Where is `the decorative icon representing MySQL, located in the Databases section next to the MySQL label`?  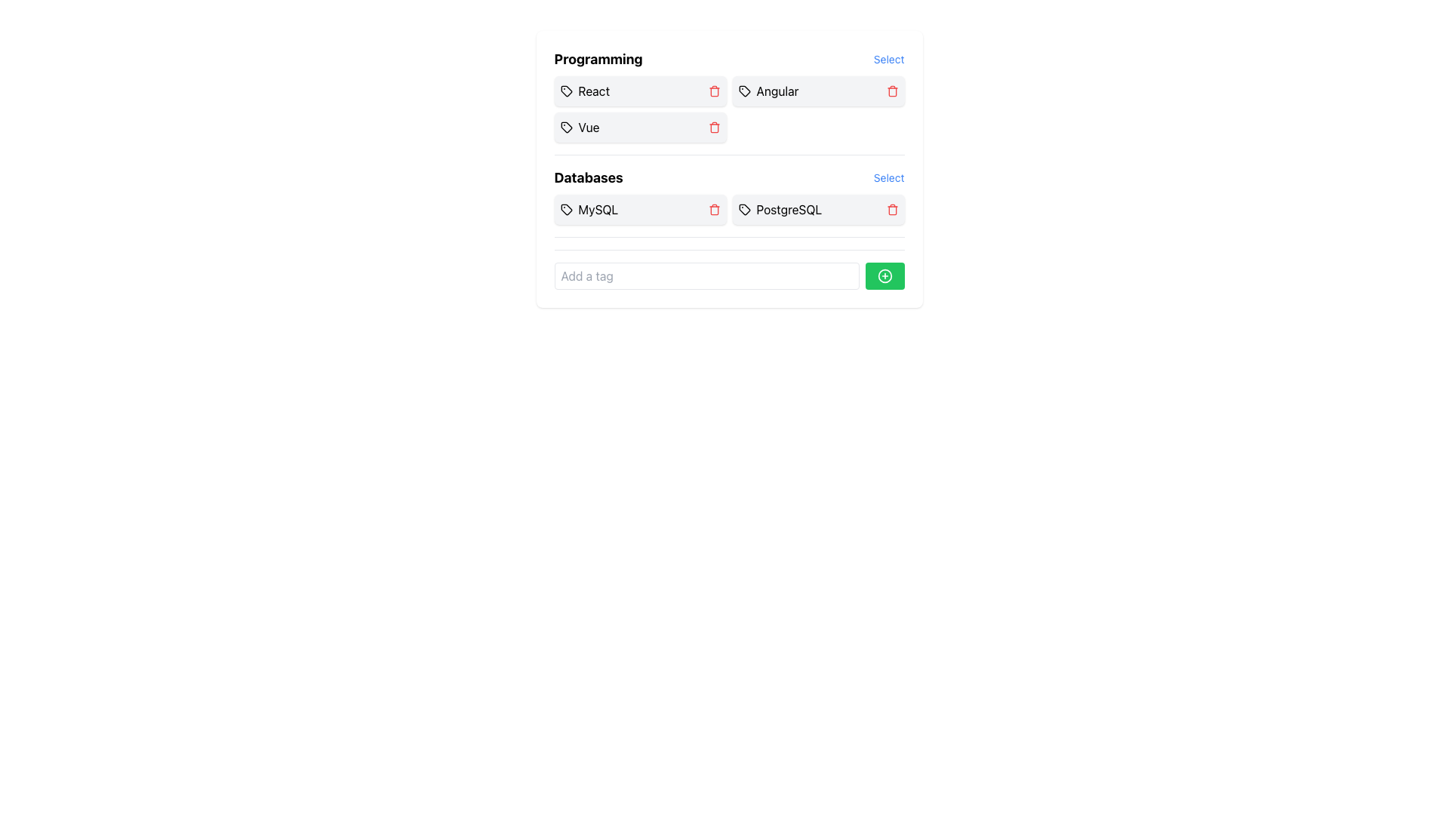
the decorative icon representing MySQL, located in the Databases section next to the MySQL label is located at coordinates (565, 209).